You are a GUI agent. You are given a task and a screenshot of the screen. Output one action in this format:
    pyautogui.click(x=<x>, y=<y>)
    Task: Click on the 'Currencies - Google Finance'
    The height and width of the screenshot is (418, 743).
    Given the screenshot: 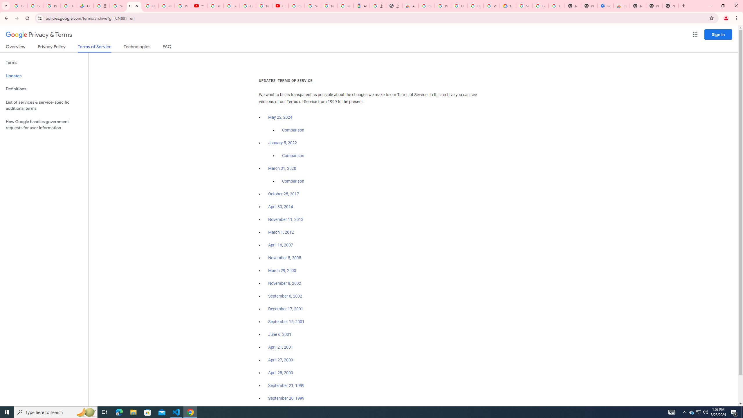 What is the action you would take?
    pyautogui.click(x=85, y=6)
    